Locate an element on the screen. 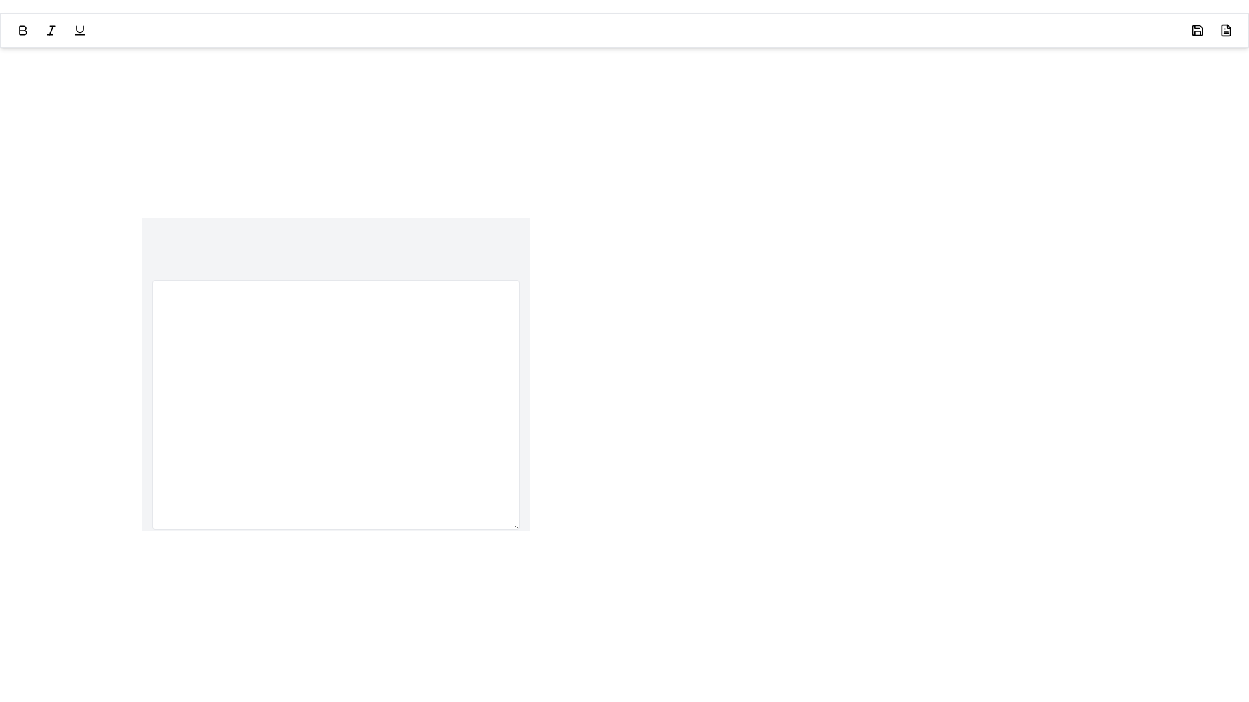 The width and height of the screenshot is (1249, 702). the italic text formatting button, which is the second item in the horizontal toolbar positioned between the bold and underline icons is located at coordinates (51, 29).